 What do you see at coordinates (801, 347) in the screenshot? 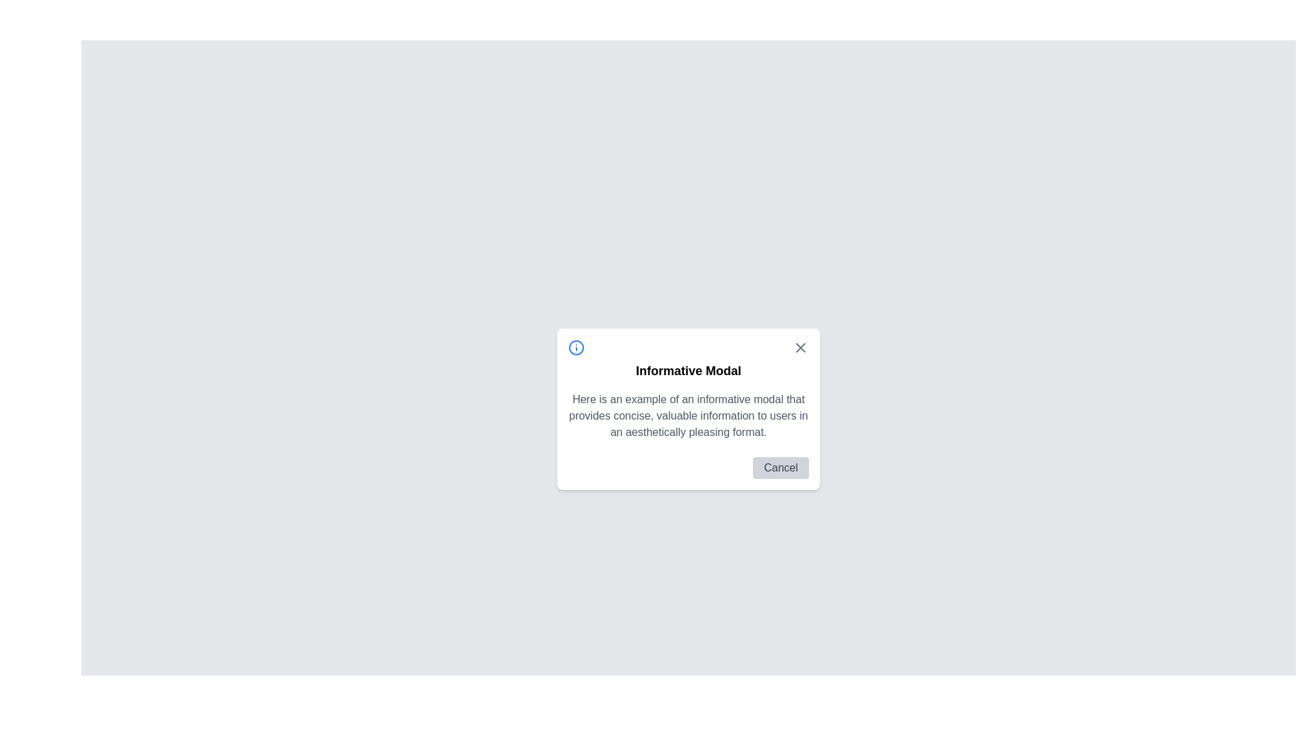
I see `the close button located in the upper-right corner of the modal dialog to change its color` at bounding box center [801, 347].